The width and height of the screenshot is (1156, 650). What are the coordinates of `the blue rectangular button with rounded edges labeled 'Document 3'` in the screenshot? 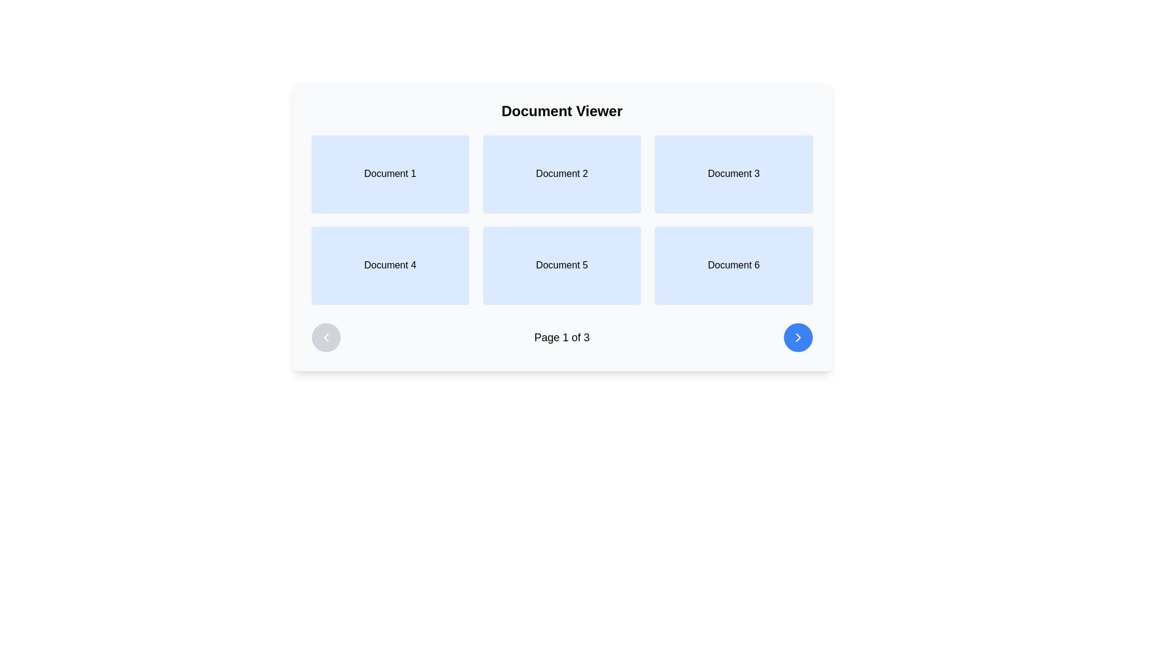 It's located at (733, 174).